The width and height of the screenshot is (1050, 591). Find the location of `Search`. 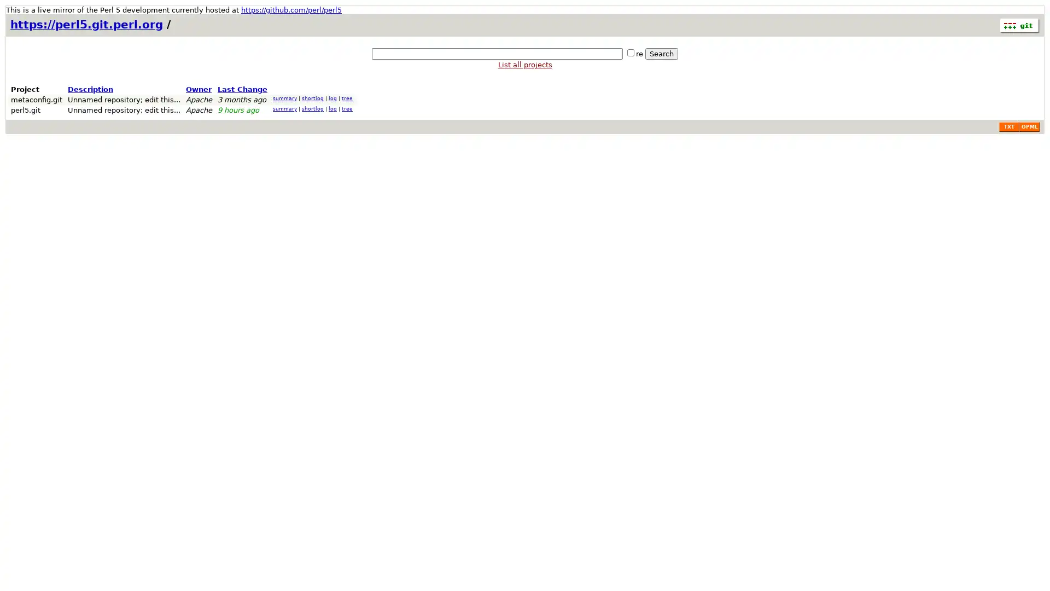

Search is located at coordinates (661, 54).